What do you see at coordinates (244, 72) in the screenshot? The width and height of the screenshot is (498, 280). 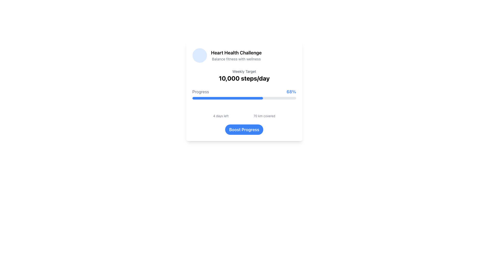 I see `the Text Label that indicates the type of goal for the 'Heart Health Challenge', positioned above the '10,000 steps/day' label` at bounding box center [244, 72].